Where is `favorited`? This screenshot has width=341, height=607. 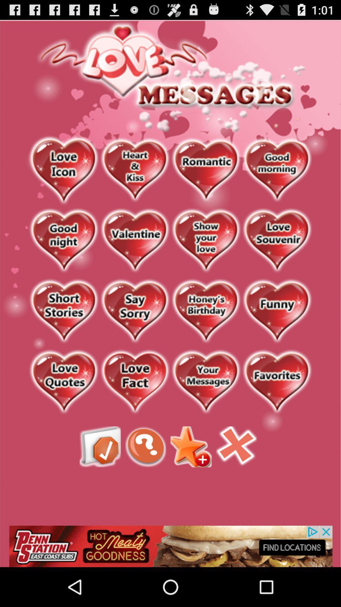 favorited is located at coordinates (277, 382).